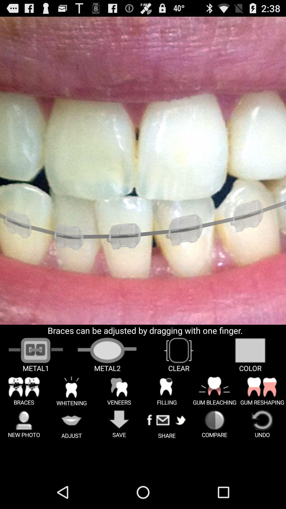 Image resolution: width=286 pixels, height=509 pixels. What do you see at coordinates (107, 355) in the screenshot?
I see `the image of the metal 2` at bounding box center [107, 355].